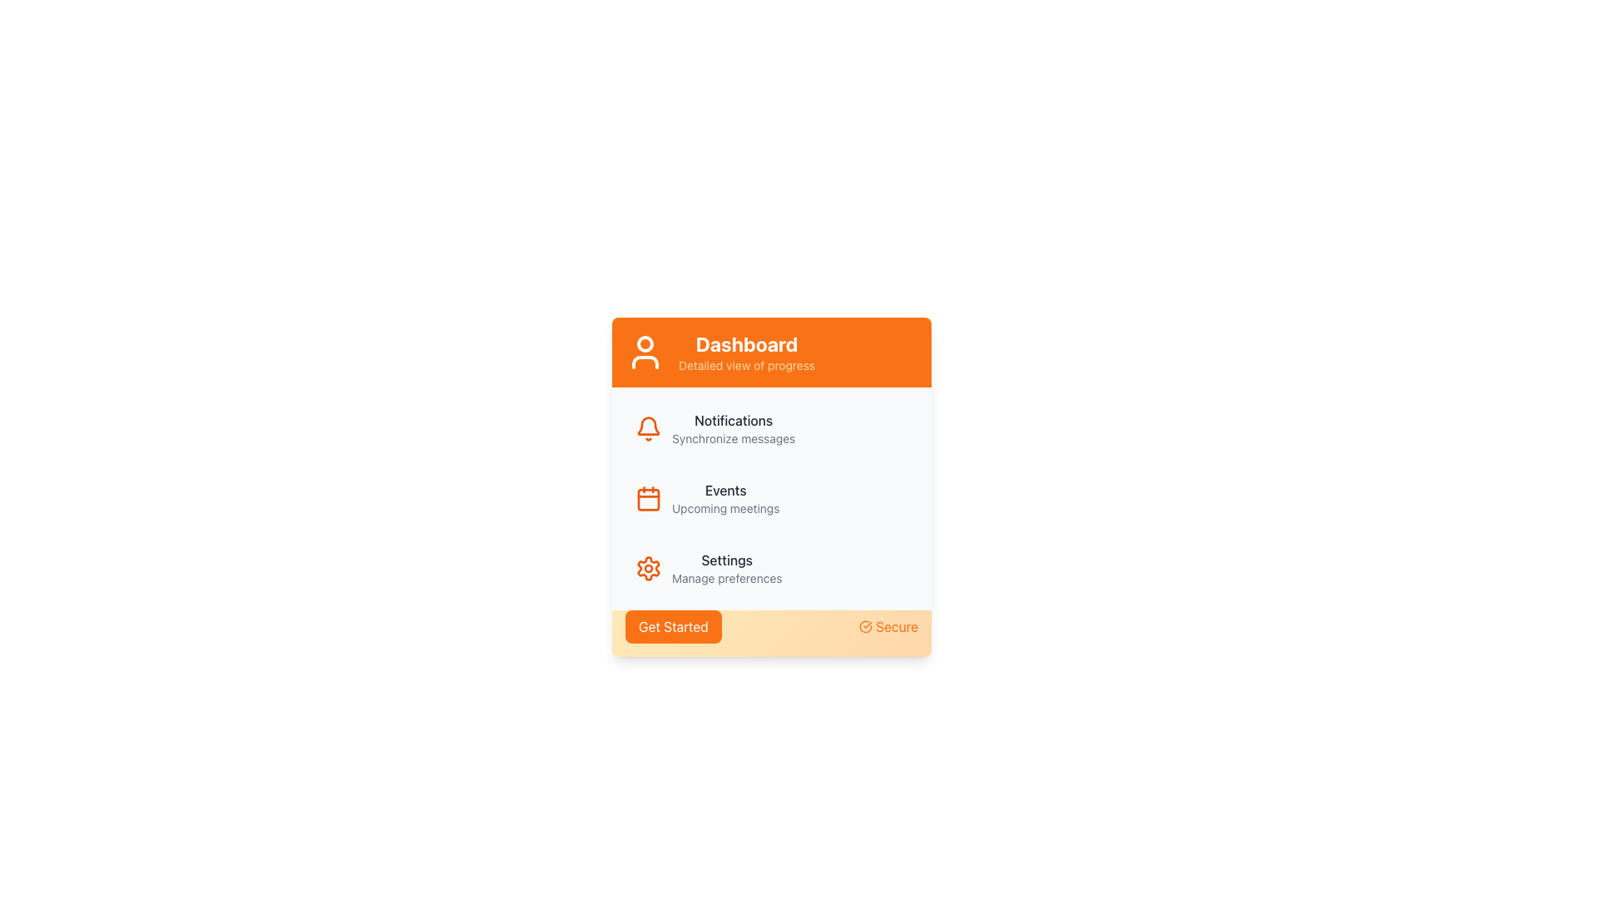 The height and width of the screenshot is (898, 1597). Describe the element at coordinates (673, 626) in the screenshot. I see `the 'Get Started' button, which is a bright orange rectangular button with rounded corners` at that location.